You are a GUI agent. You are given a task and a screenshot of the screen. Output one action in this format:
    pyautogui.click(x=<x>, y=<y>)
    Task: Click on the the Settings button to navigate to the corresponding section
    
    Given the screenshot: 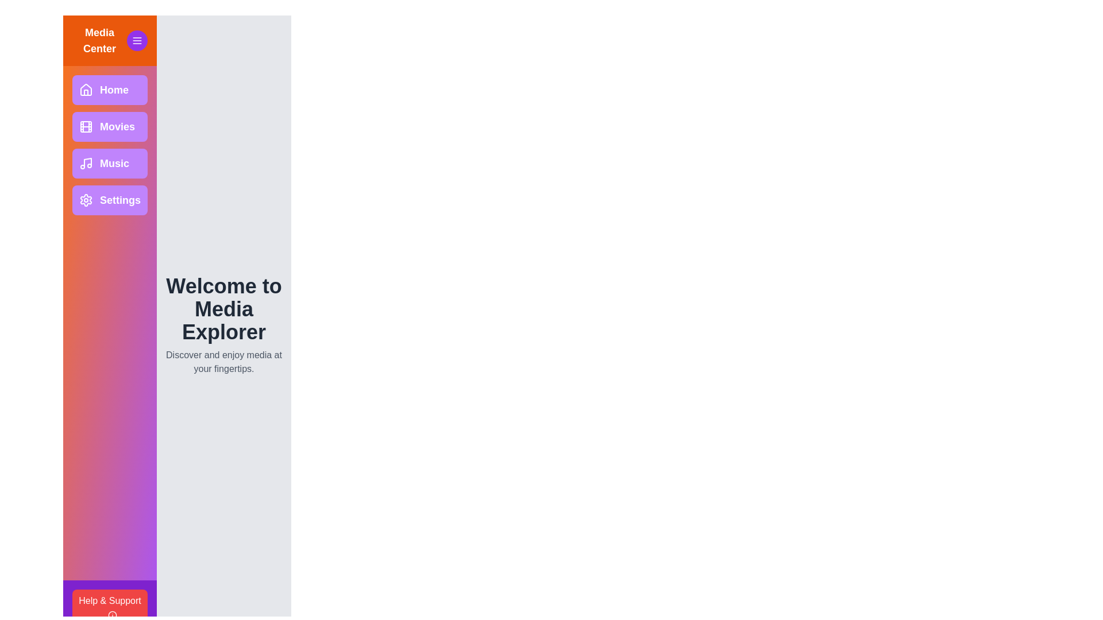 What is the action you would take?
    pyautogui.click(x=110, y=199)
    